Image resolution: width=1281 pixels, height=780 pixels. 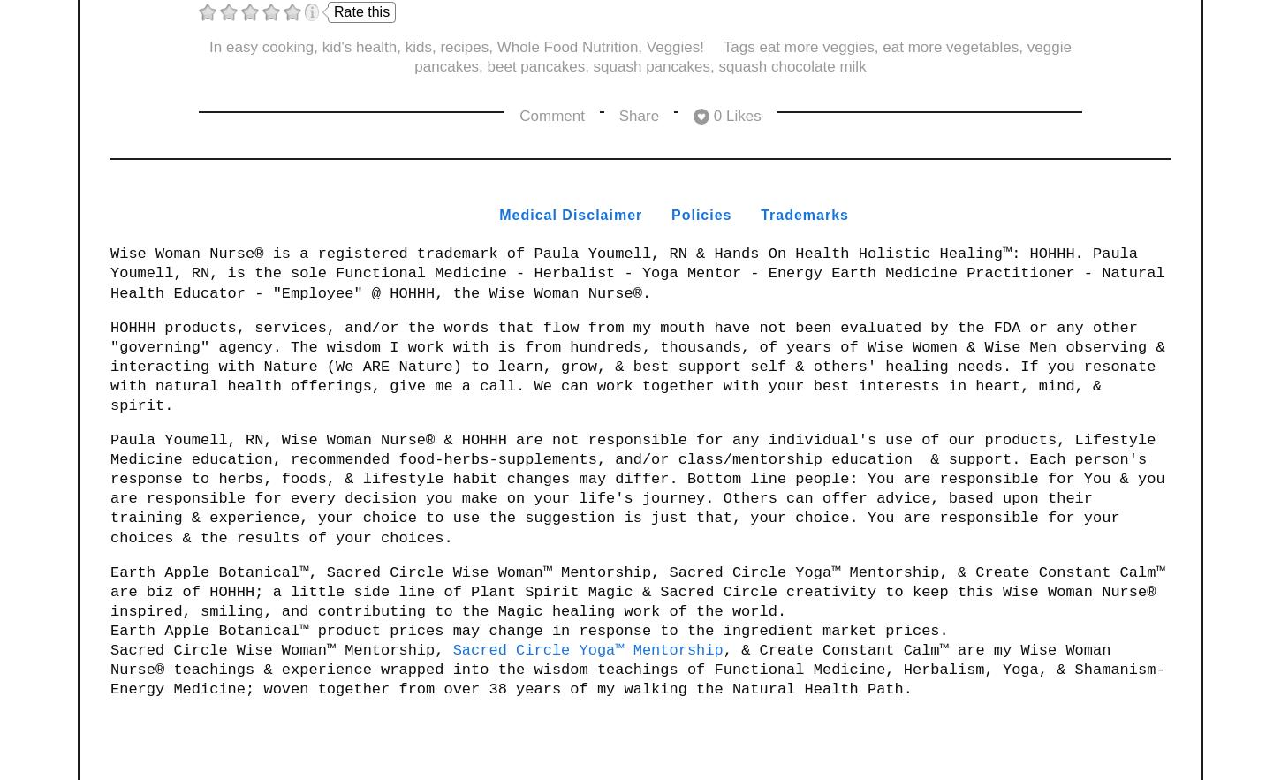 I want to click on 'HOHHH products, services, and/or the words that flow from my mouth have not been evaluated by the FDA or any other "governing" agency. The wisdom I work with is from hundreds, thousands, of years of Wise Women & Wise Men observing & interacting with Nature (We ARE Nature) to learn, grow, & best support self & others' healing needs. If you resonate with natural health offerings, give me a call. We can work together with your best interests in heart, mind, & spirit.', so click(x=641, y=366).